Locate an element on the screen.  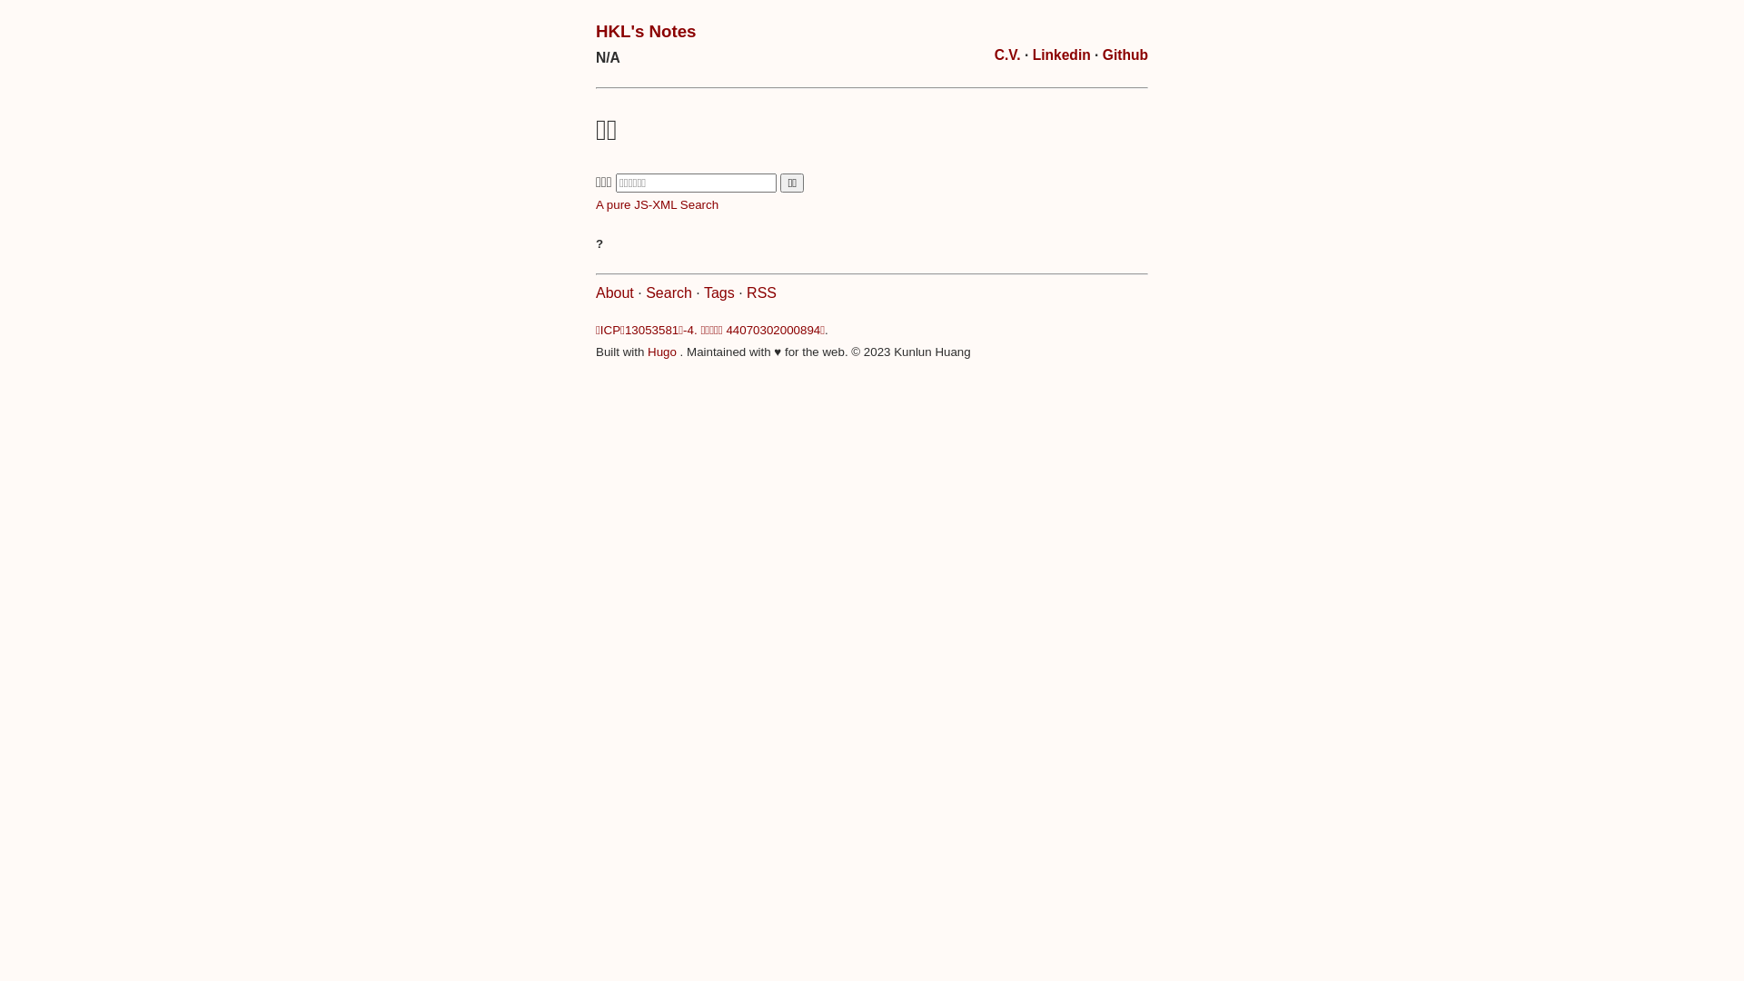
'RSS' is located at coordinates (746, 292).